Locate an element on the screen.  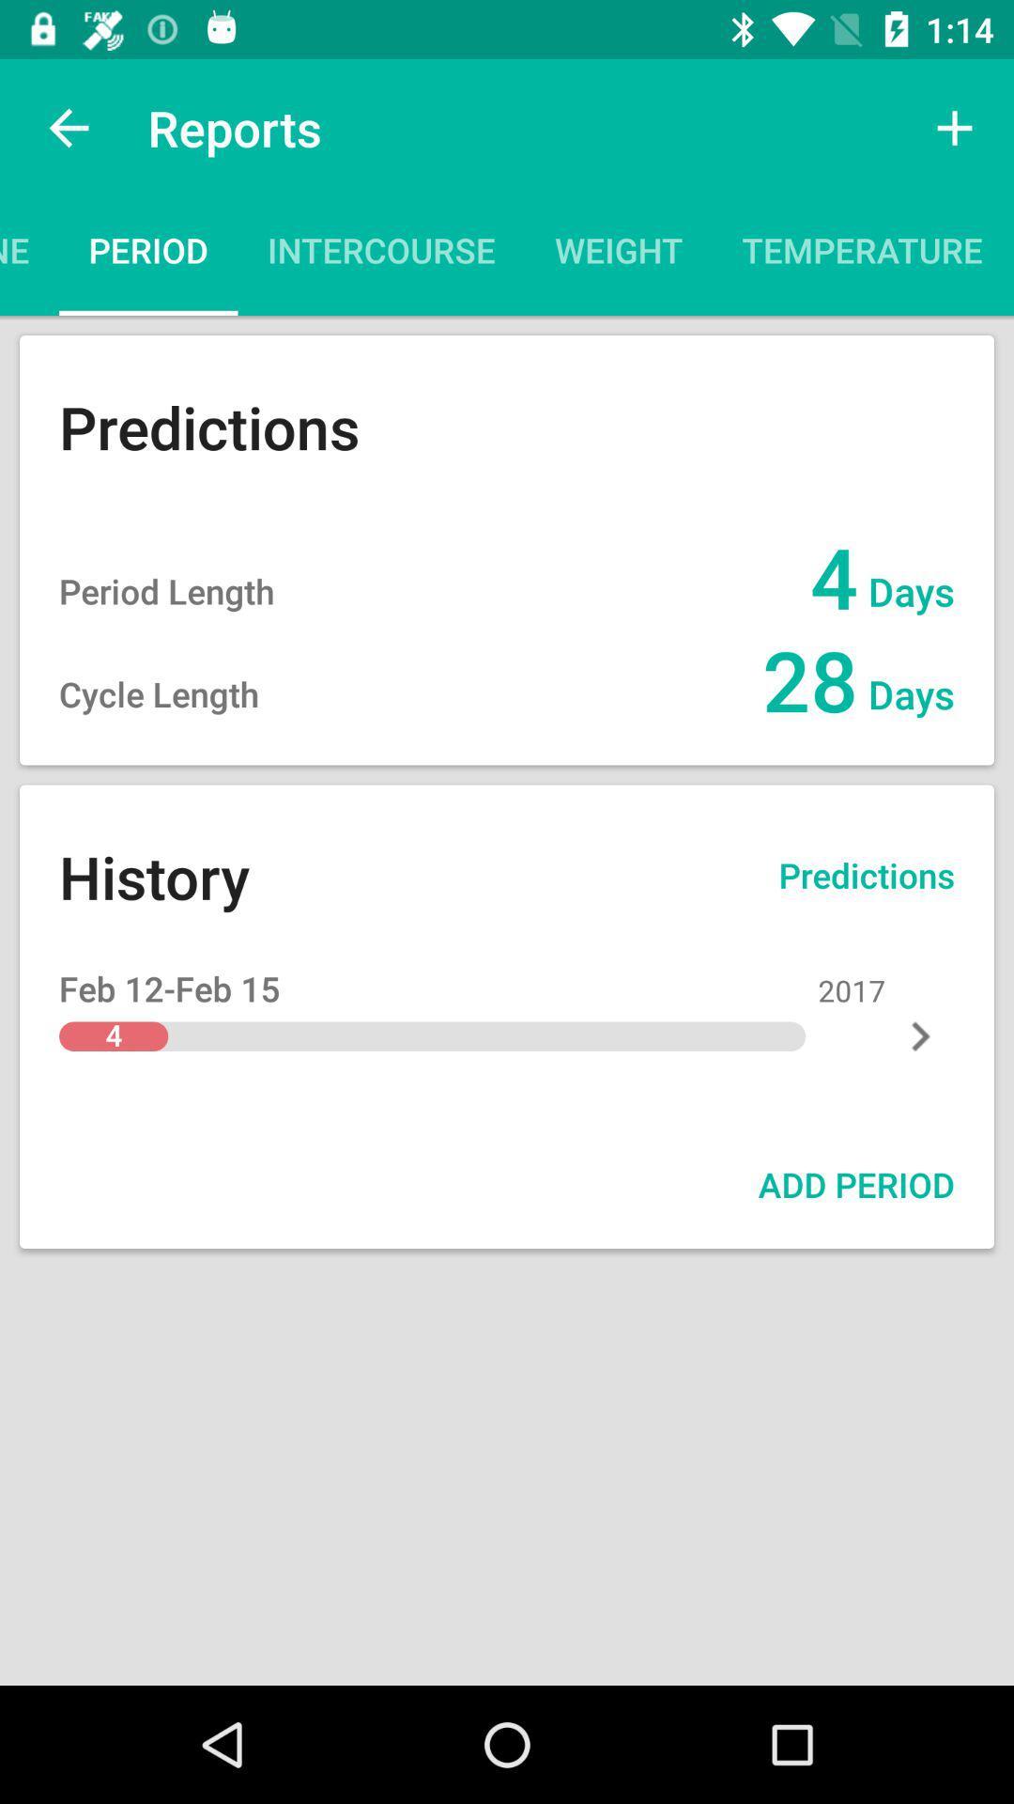
icon next to intercourse item is located at coordinates (619, 256).